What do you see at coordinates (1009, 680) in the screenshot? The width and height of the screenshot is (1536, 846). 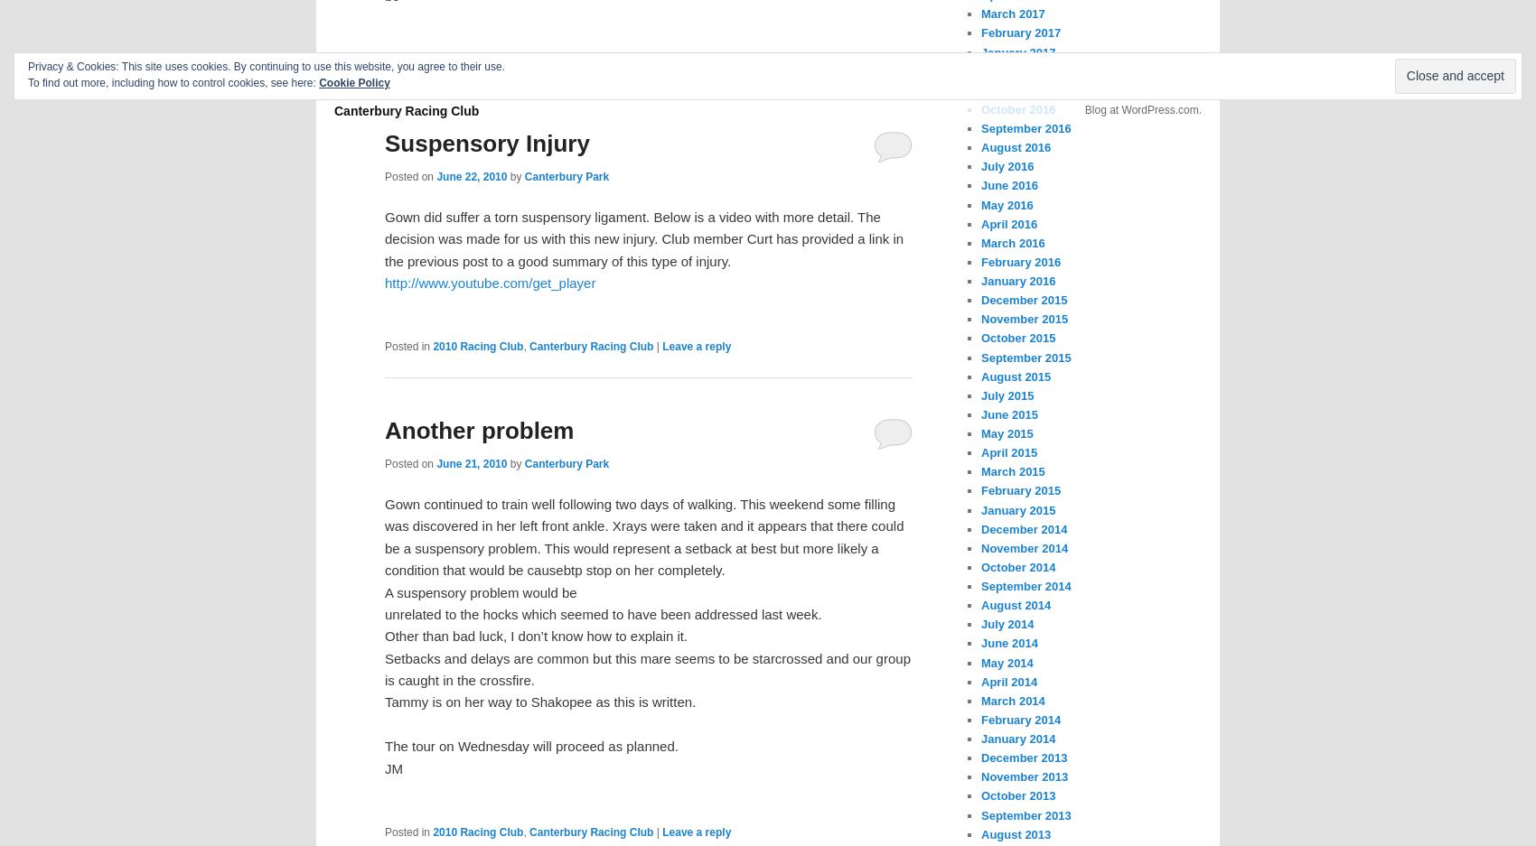 I see `'April 2014'` at bounding box center [1009, 680].